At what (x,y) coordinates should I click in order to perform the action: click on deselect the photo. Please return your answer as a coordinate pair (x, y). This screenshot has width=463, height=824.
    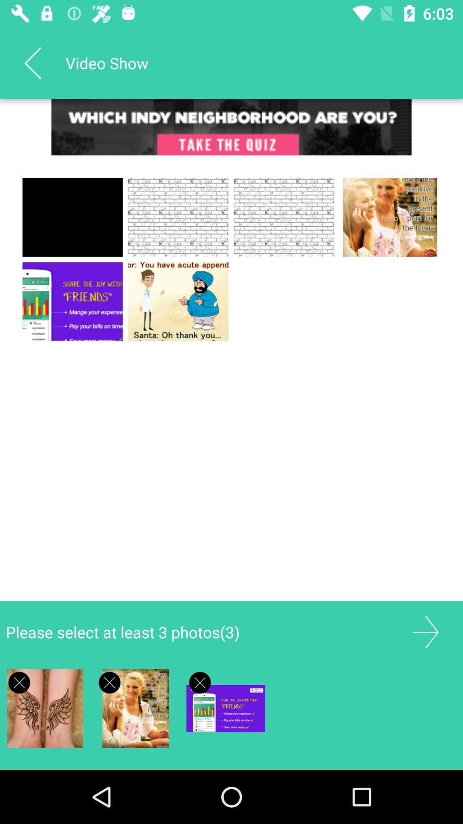
    Looking at the image, I should click on (109, 682).